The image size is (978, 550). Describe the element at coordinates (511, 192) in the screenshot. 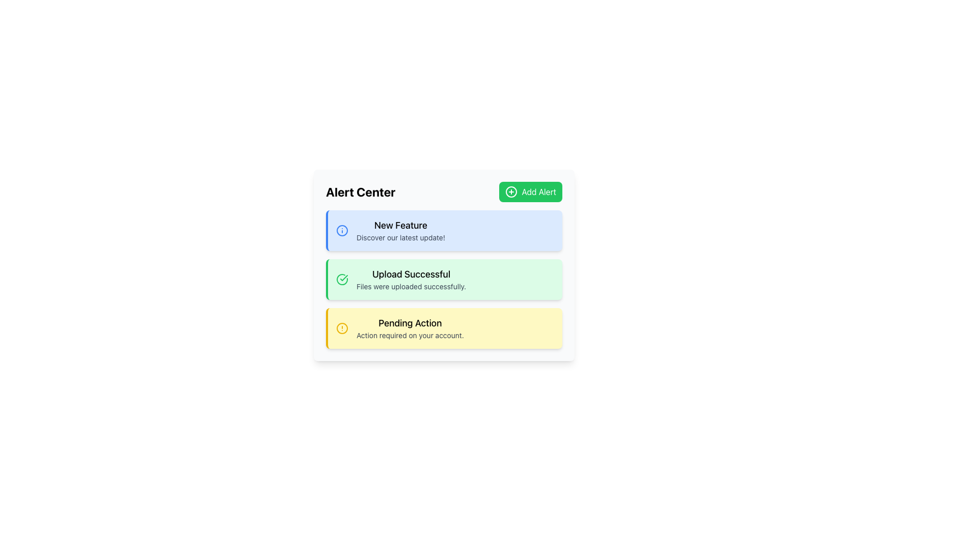

I see `the circular green icon with a plus symbol, which is part of the 'Add Alert' button located at the top-right corner of the right sidebar` at that location.